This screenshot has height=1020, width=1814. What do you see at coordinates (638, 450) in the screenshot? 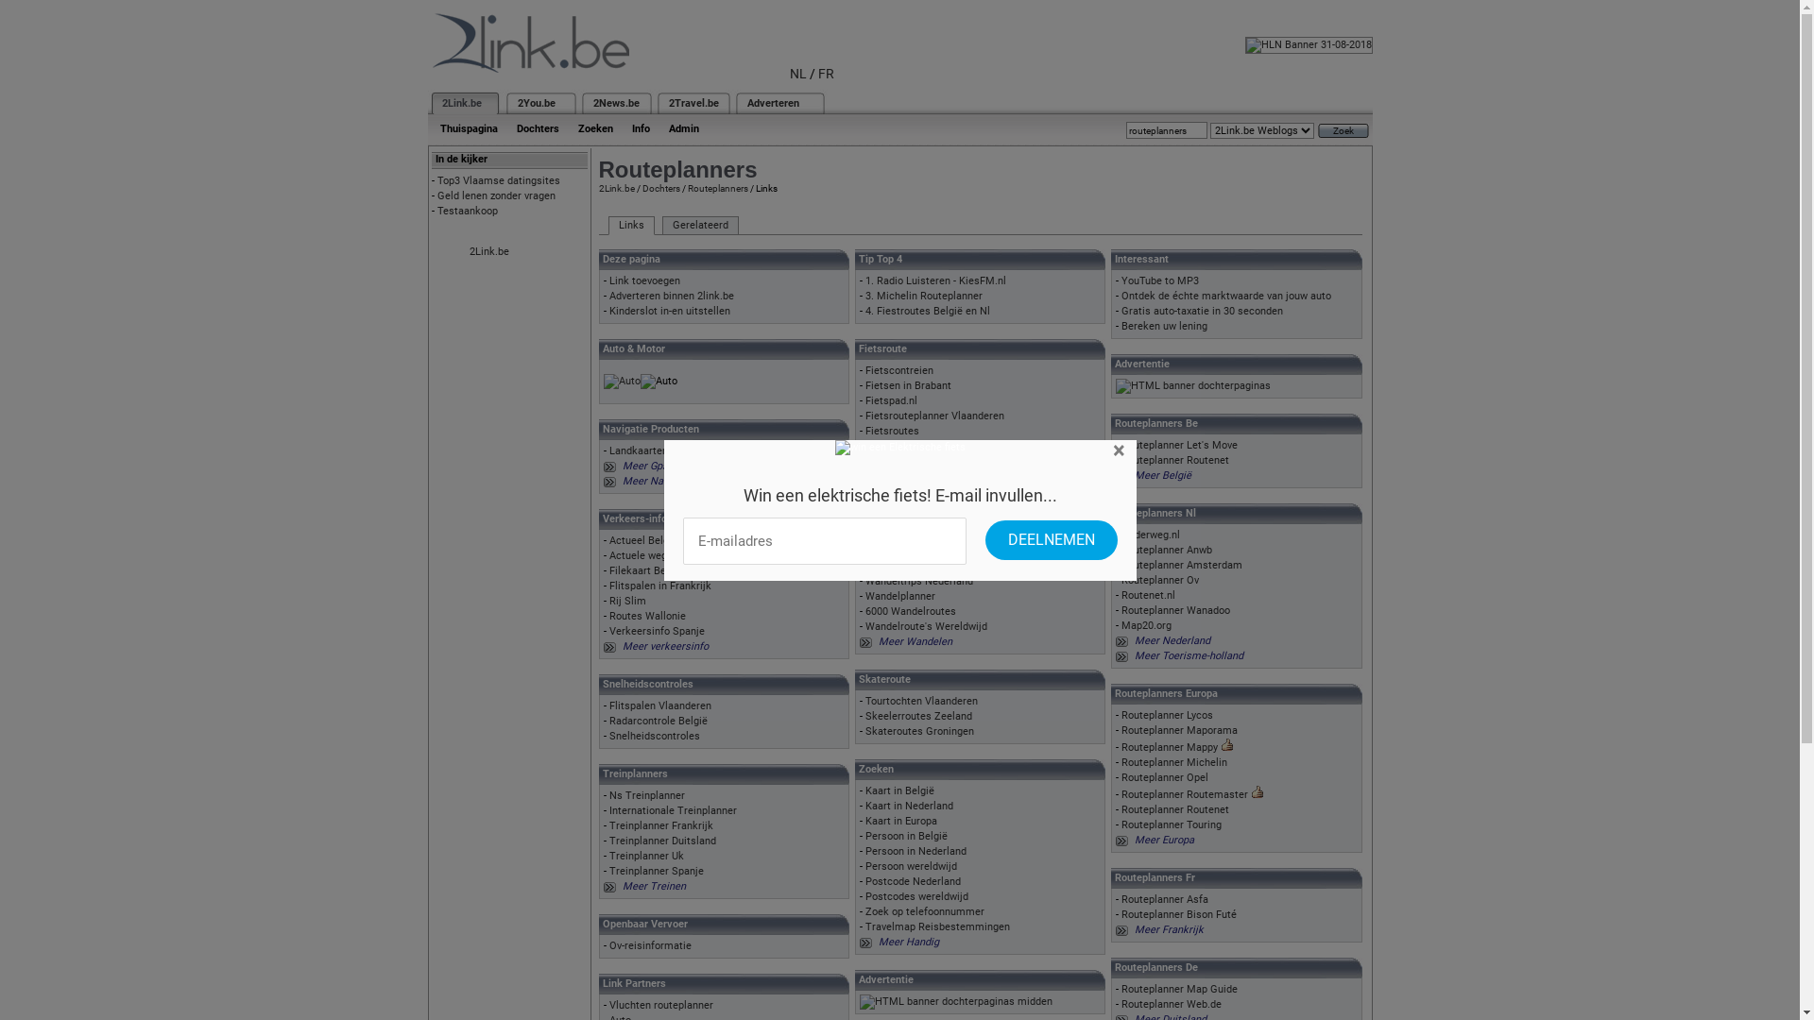
I see `'Landkaarten'` at bounding box center [638, 450].